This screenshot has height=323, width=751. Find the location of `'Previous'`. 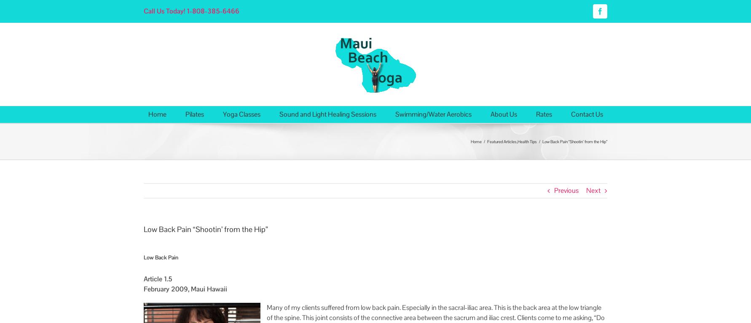

'Previous' is located at coordinates (554, 190).